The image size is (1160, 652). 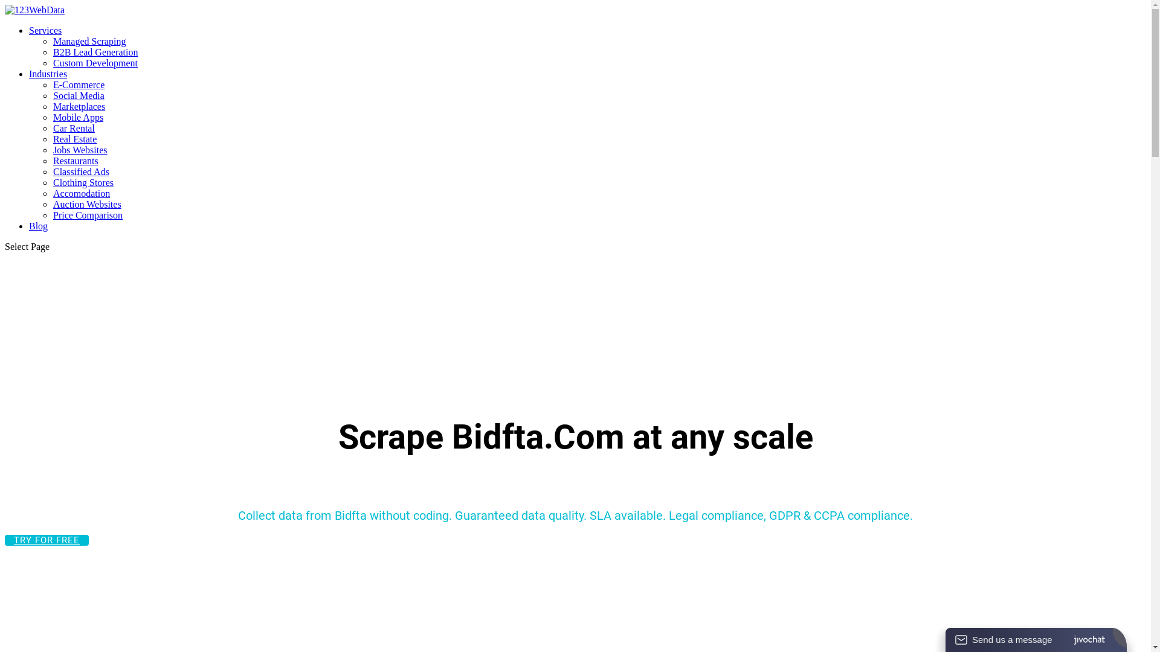 What do you see at coordinates (95, 63) in the screenshot?
I see `'Custom Development'` at bounding box center [95, 63].